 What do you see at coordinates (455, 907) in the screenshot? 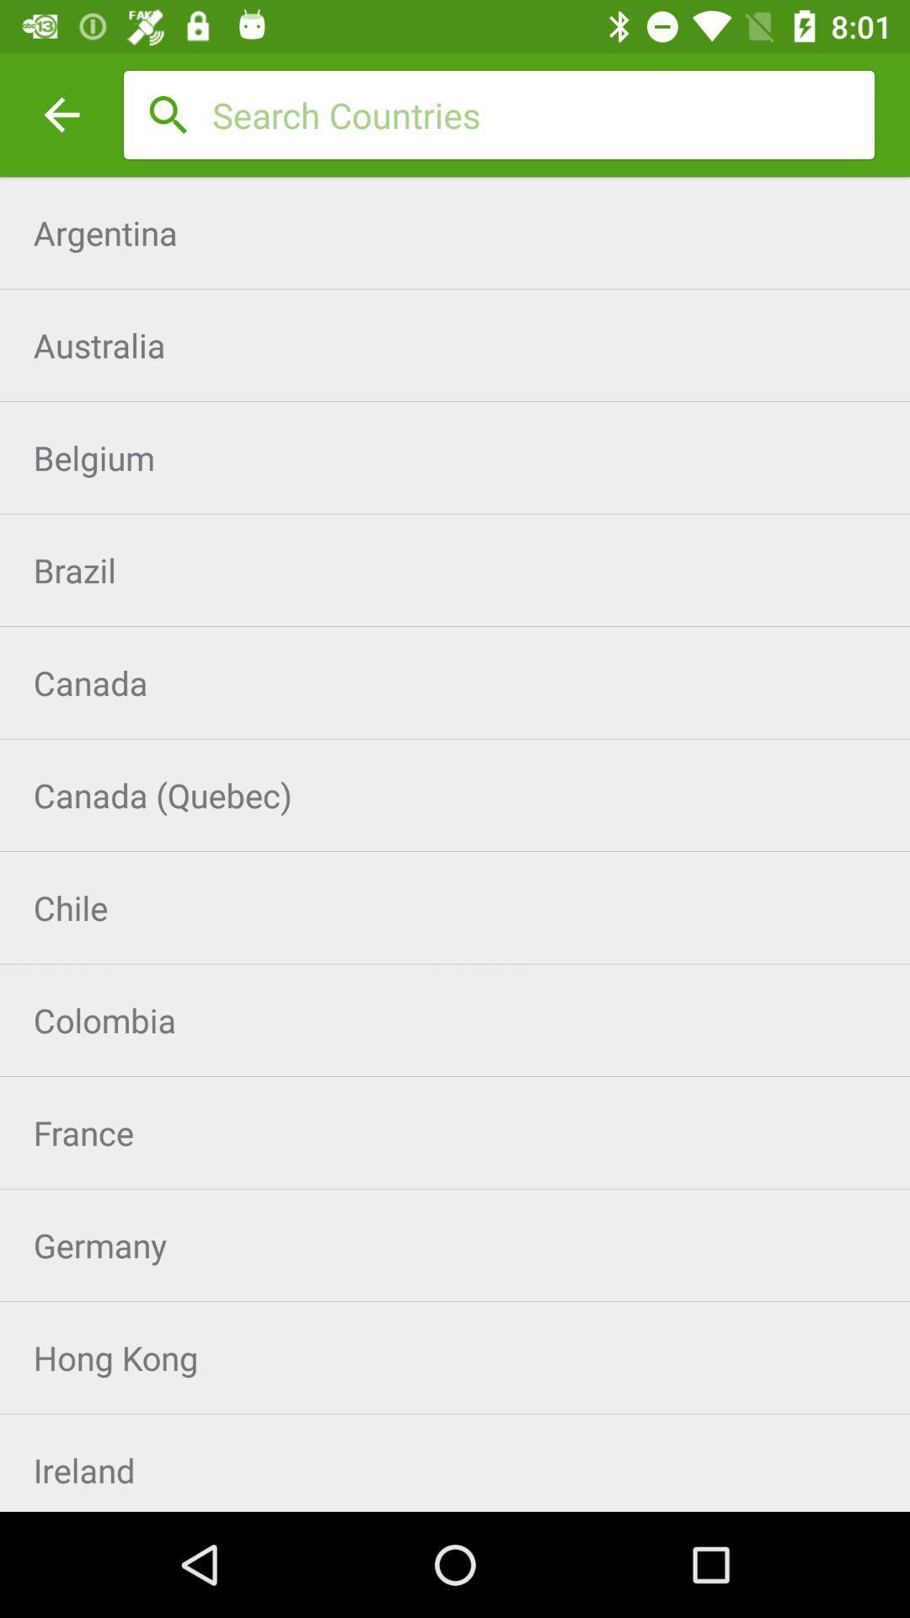
I see `chile item` at bounding box center [455, 907].